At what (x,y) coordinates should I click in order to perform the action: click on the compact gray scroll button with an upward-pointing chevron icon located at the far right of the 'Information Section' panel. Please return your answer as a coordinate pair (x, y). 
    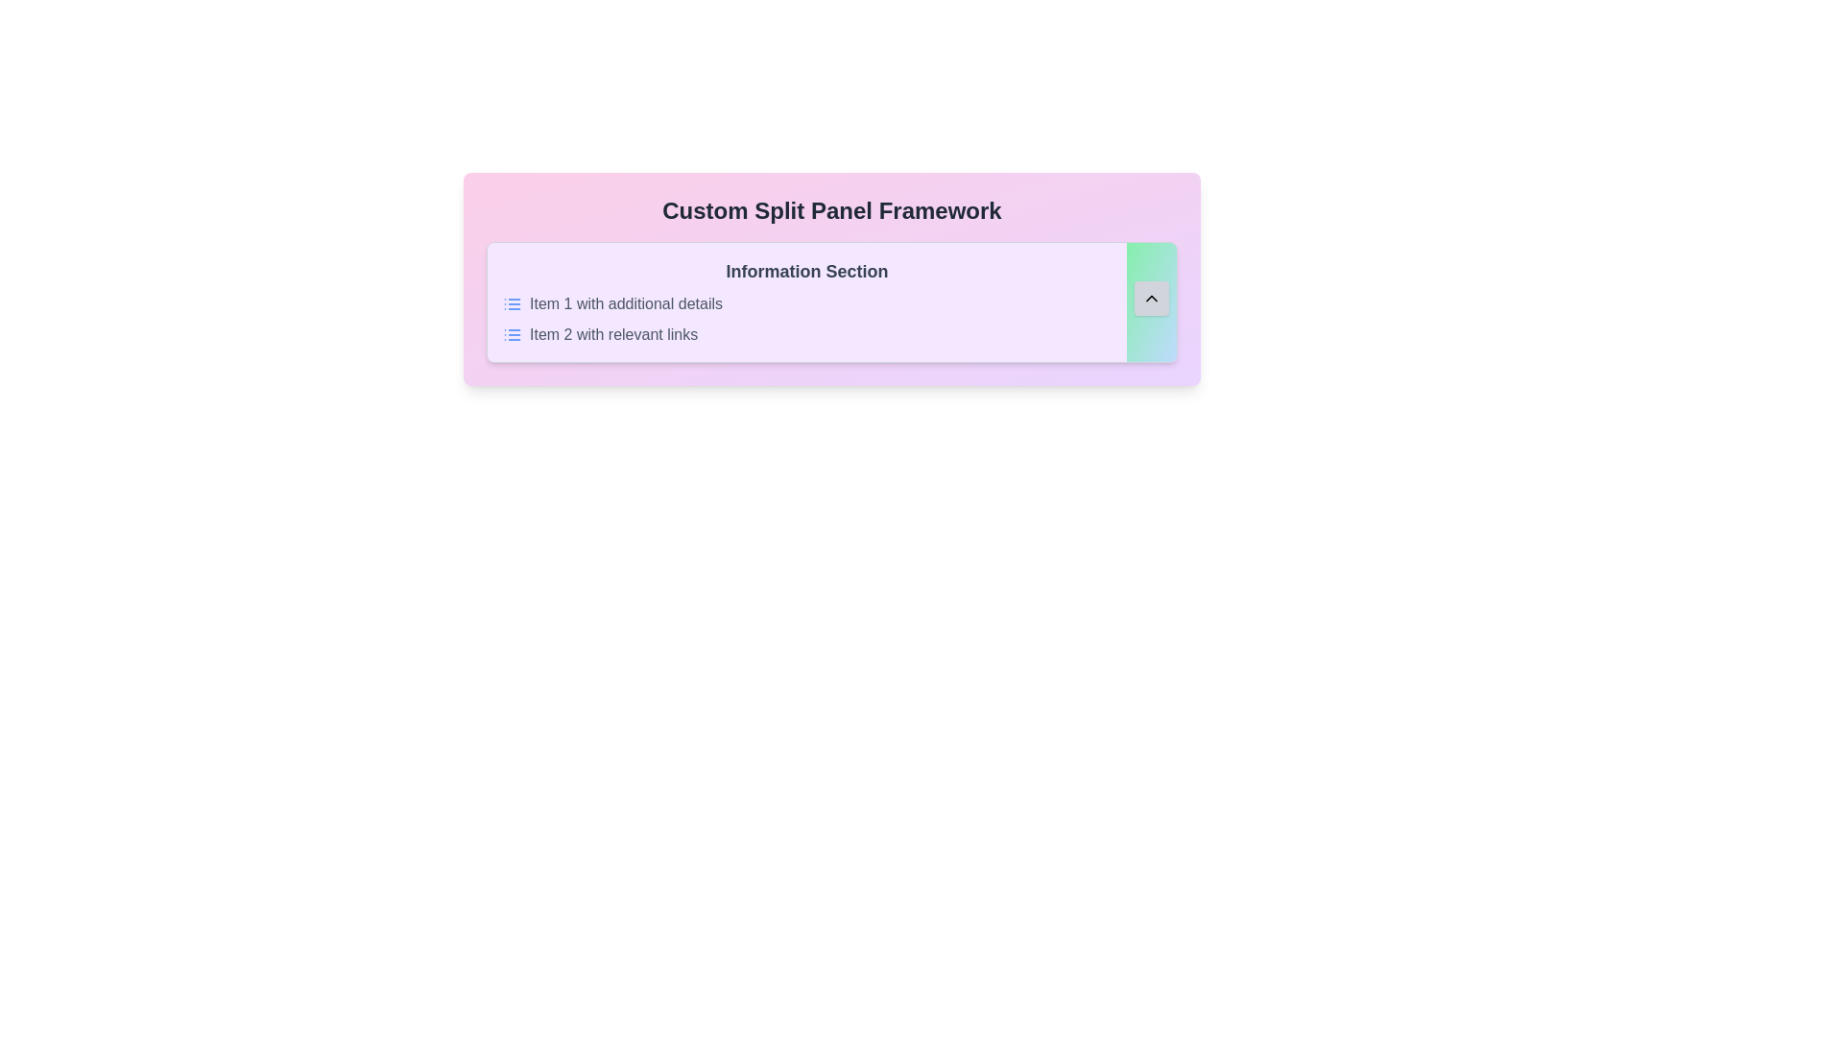
    Looking at the image, I should click on (1152, 302).